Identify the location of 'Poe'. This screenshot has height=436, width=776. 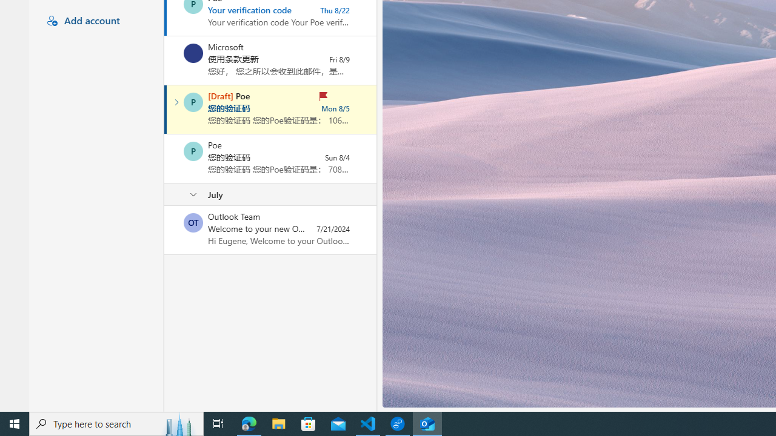
(193, 150).